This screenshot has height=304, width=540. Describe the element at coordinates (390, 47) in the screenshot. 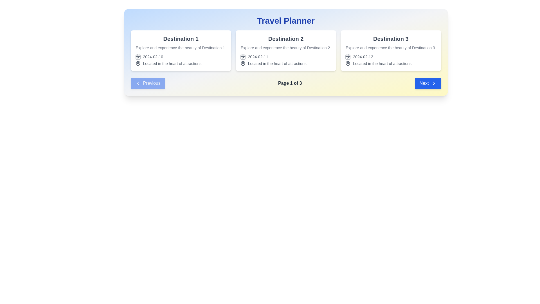

I see `the second visible text element providing a description about 'Destination 3' located in the rightmost card` at that location.